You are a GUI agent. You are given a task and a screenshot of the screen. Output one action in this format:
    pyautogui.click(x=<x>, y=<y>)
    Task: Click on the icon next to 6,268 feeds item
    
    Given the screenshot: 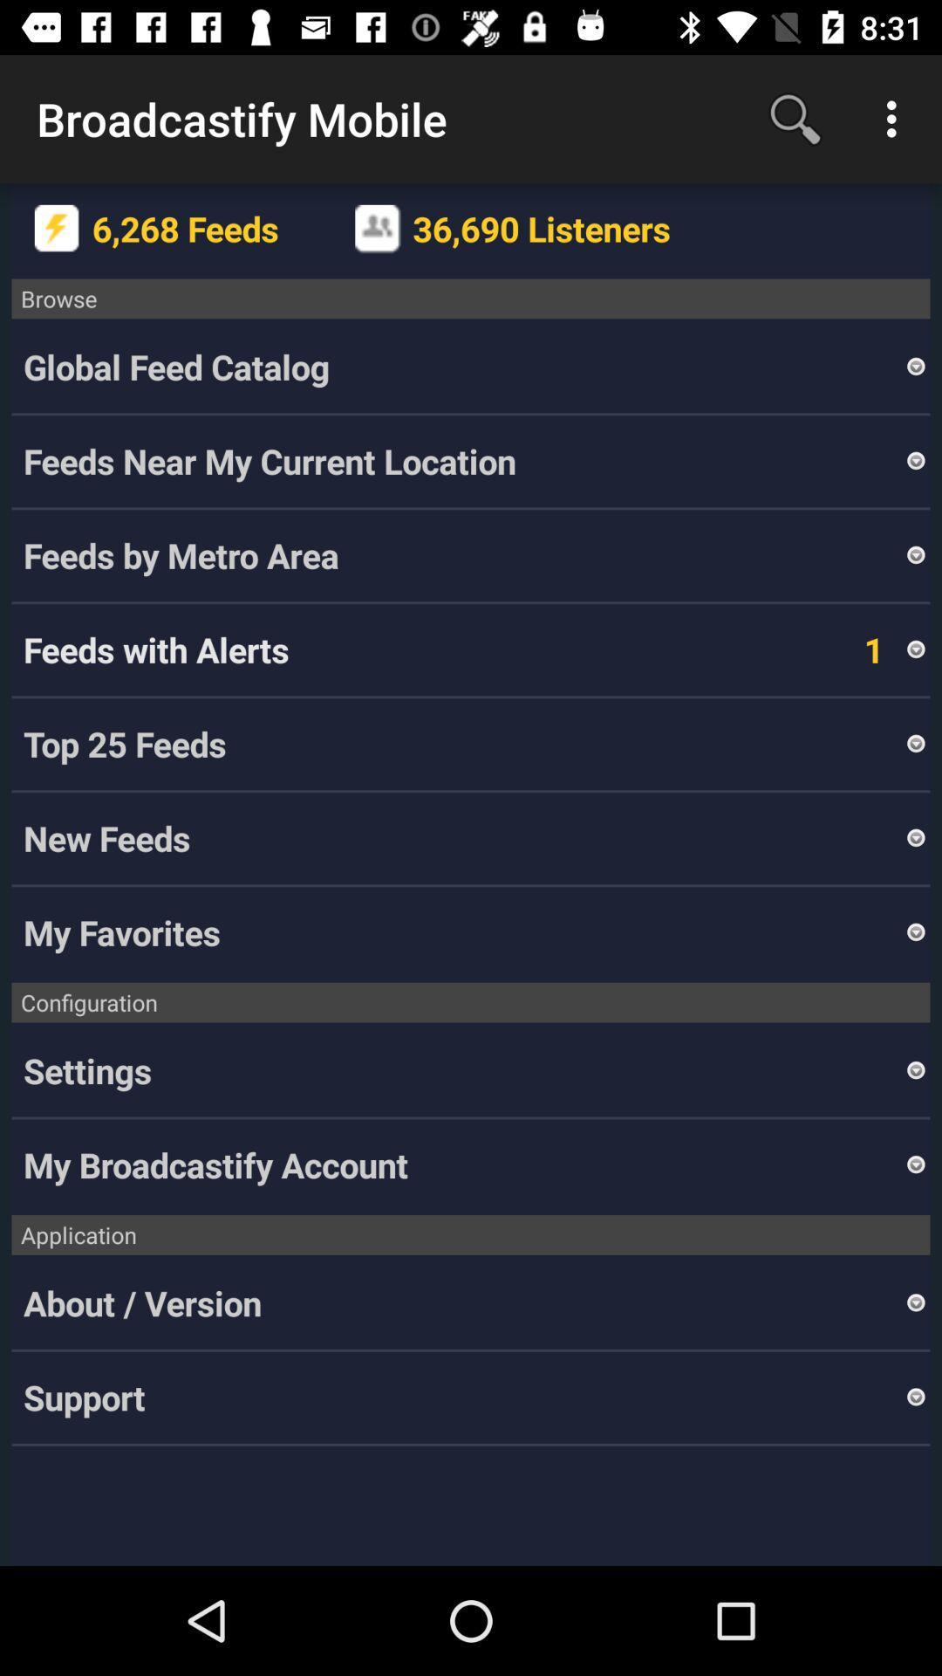 What is the action you would take?
    pyautogui.click(x=56, y=228)
    